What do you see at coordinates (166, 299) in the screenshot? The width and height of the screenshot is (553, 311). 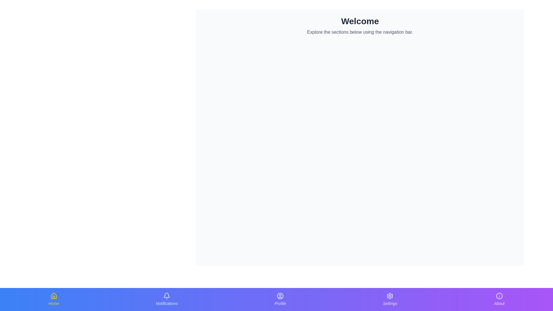 I see `the 'Notifications' button, which features a bell icon and is located in the bottom navigation bar between the 'Home' and 'Profile' buttons, to apply the scale effect` at bounding box center [166, 299].